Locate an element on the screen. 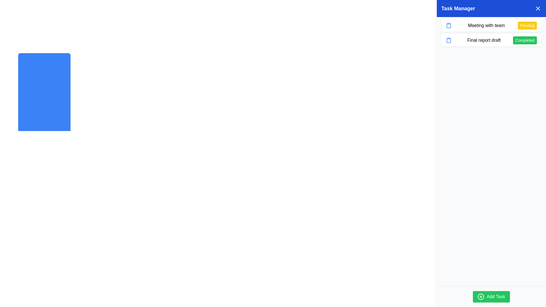 The width and height of the screenshot is (546, 307). the task title label located second from the top is located at coordinates (484, 40).